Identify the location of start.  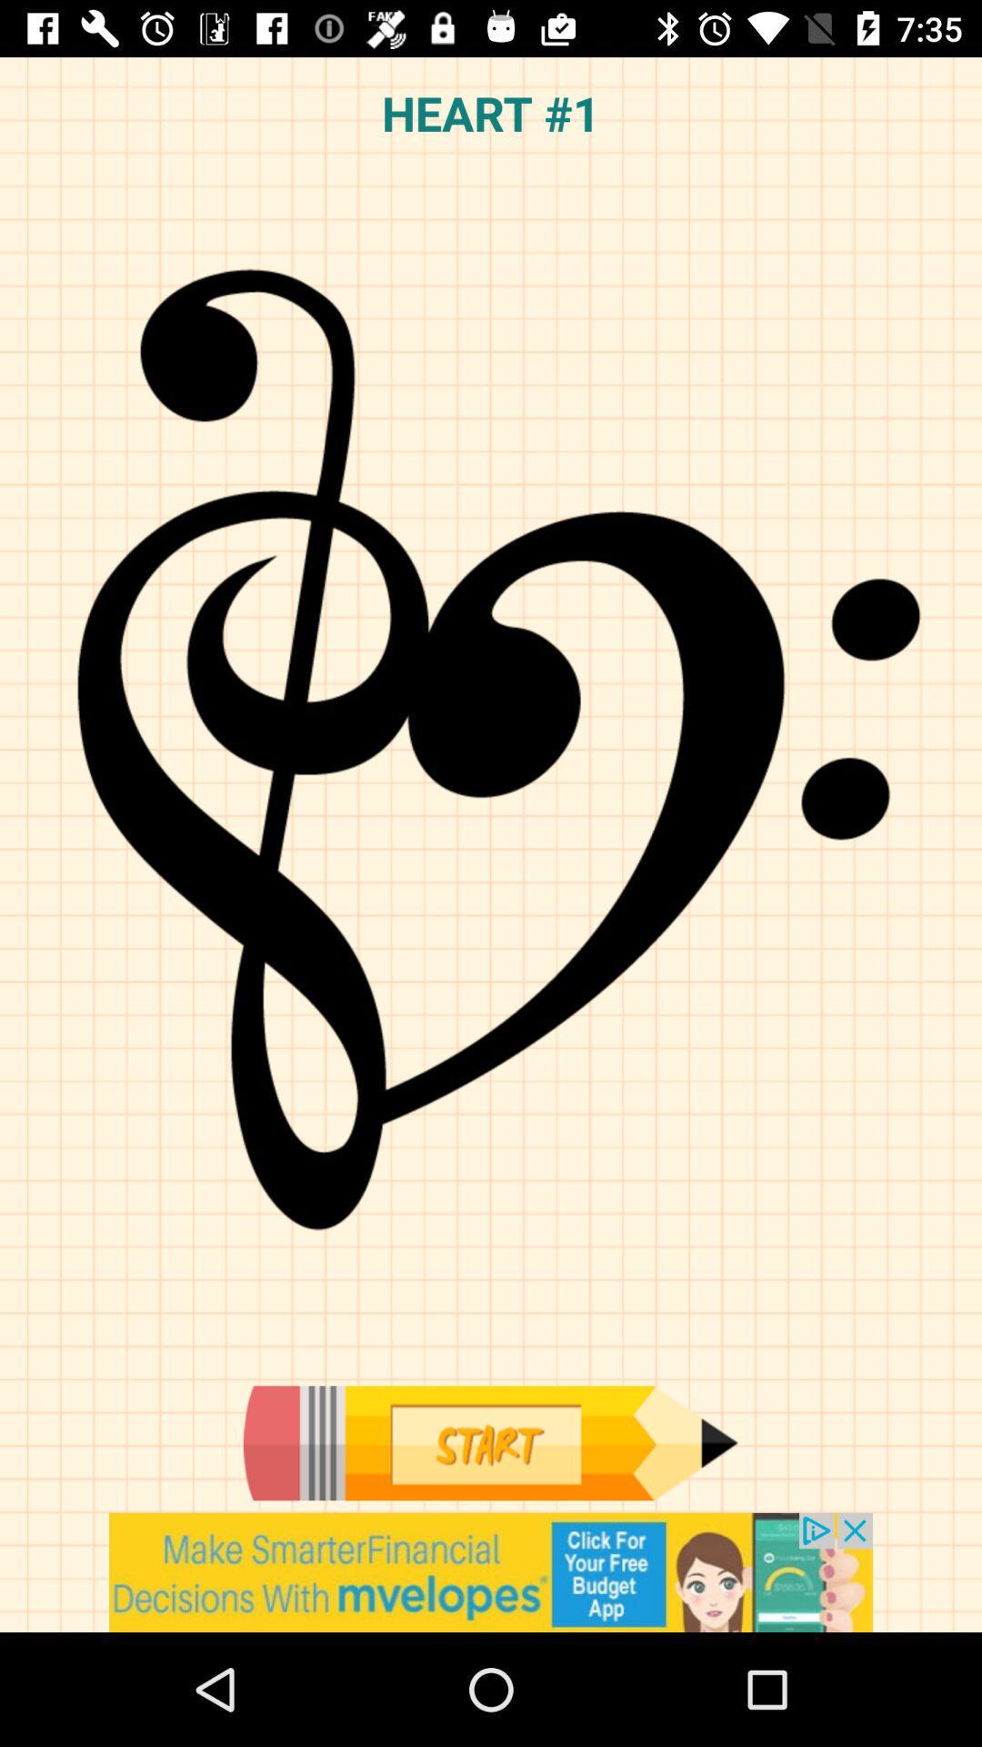
(489, 1442).